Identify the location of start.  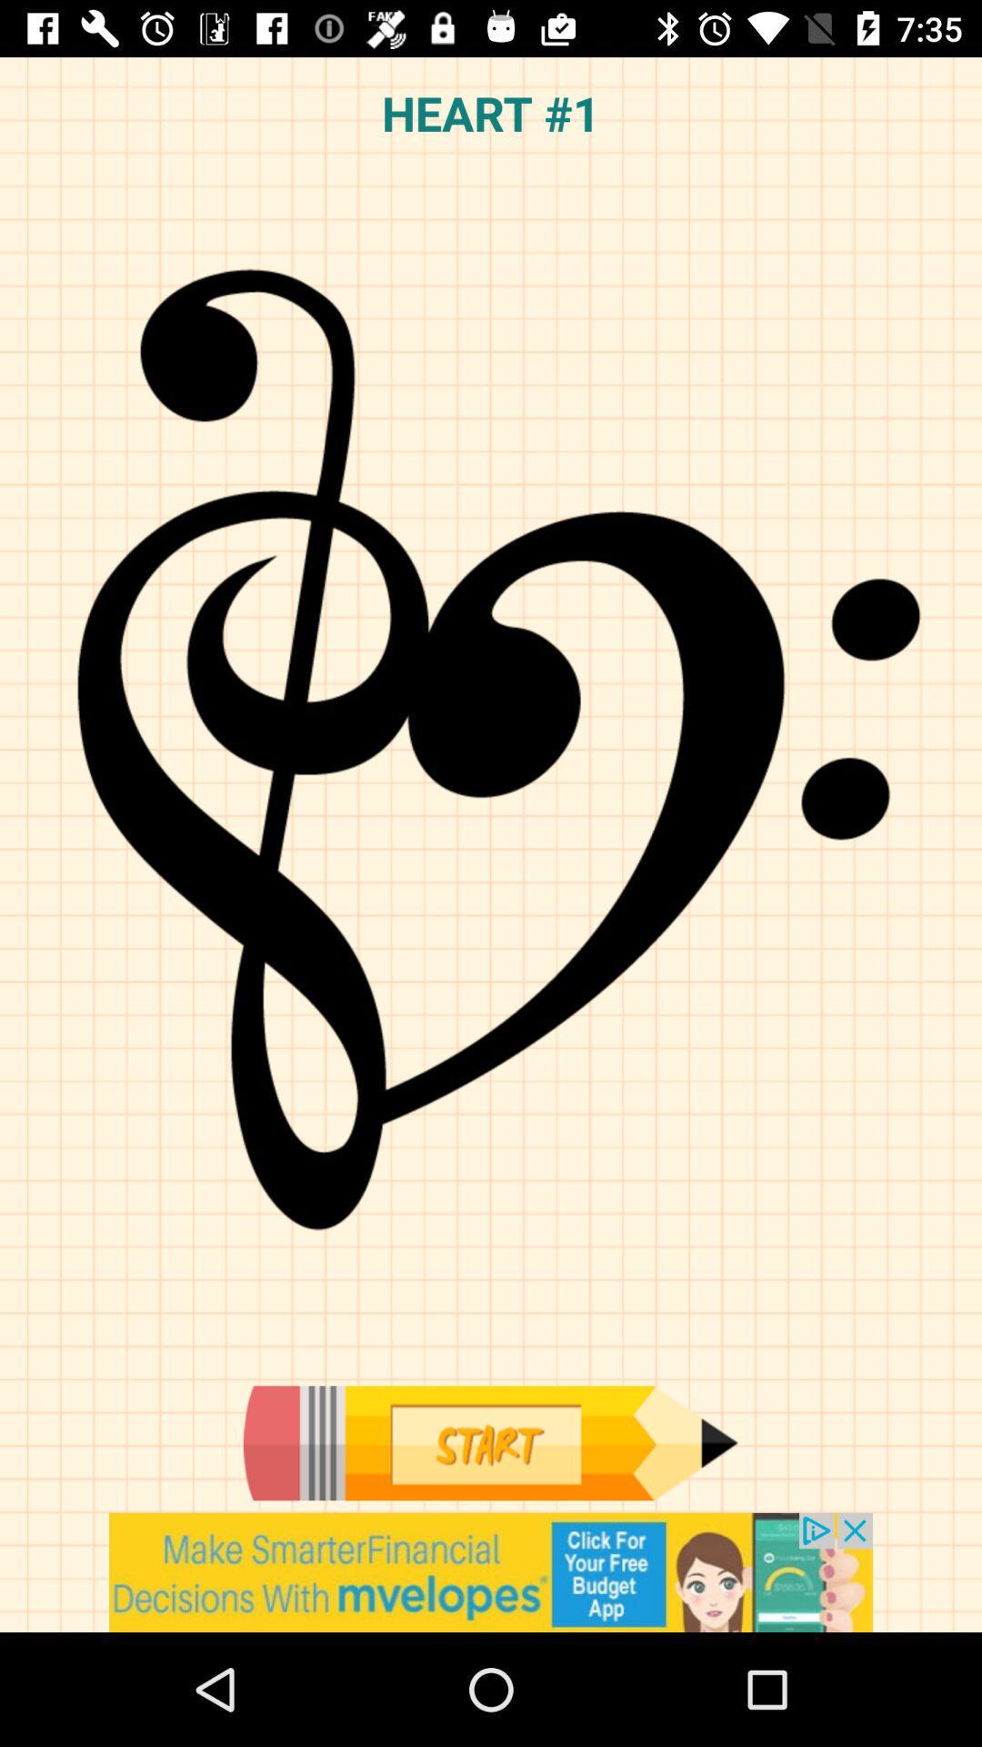
(489, 1442).